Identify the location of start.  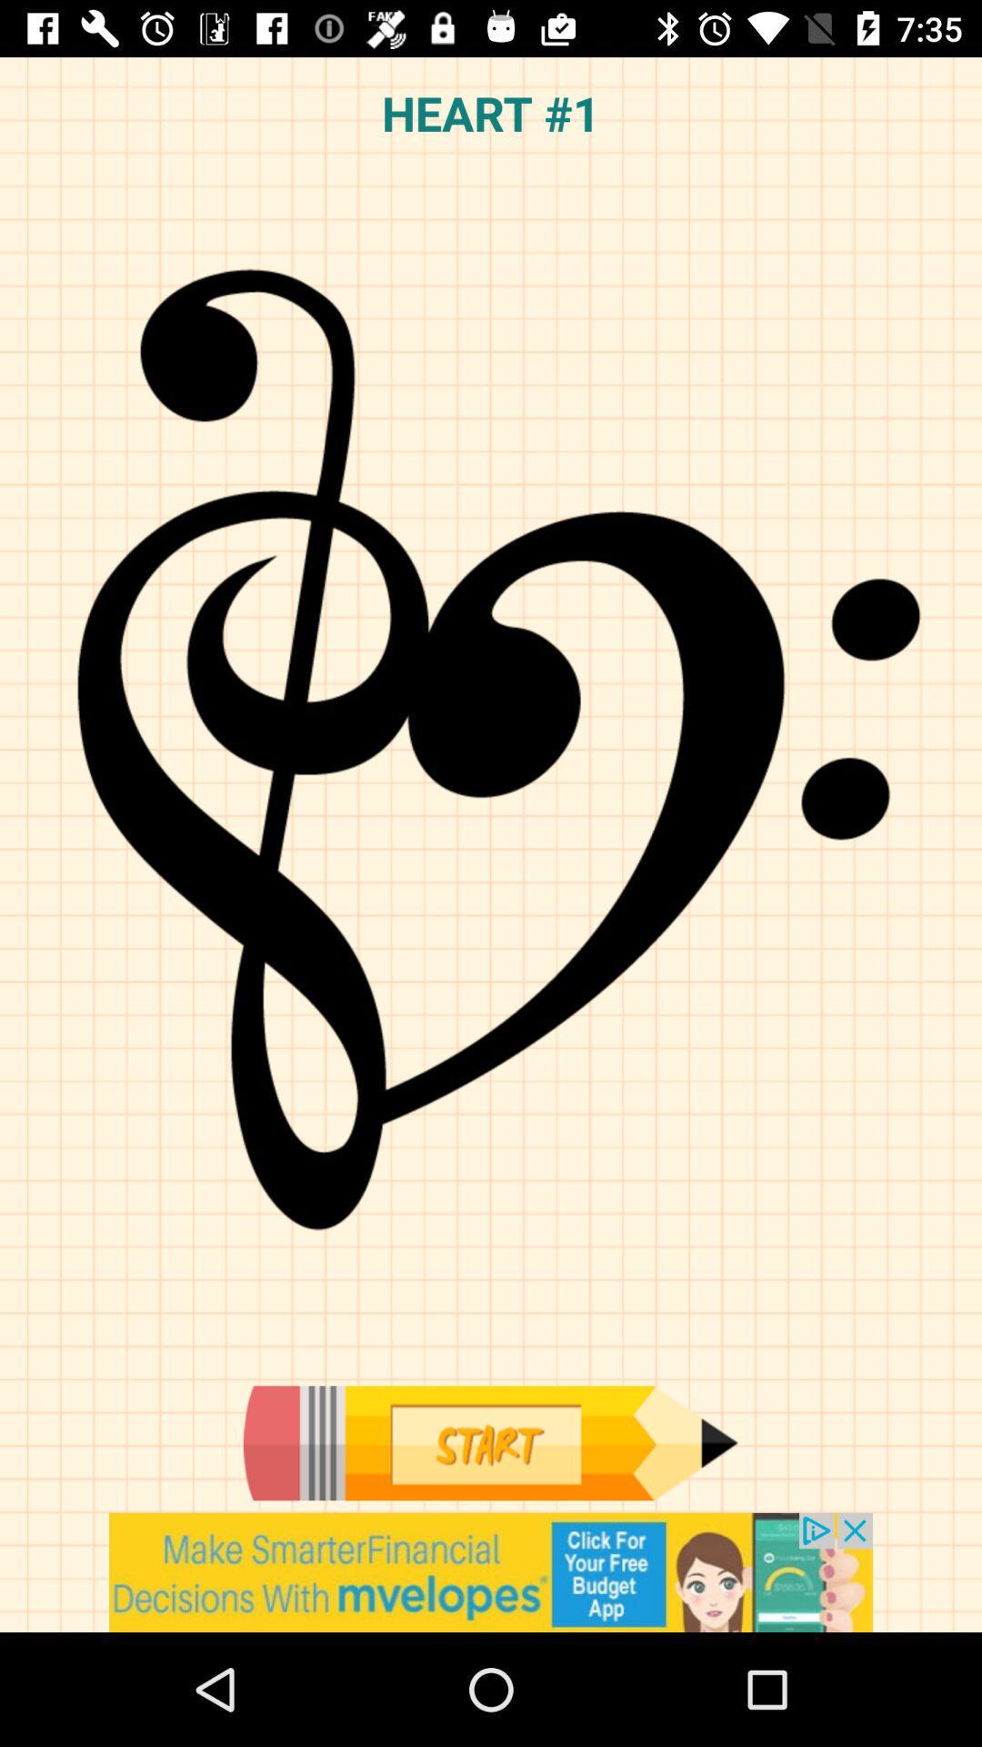
(489, 1442).